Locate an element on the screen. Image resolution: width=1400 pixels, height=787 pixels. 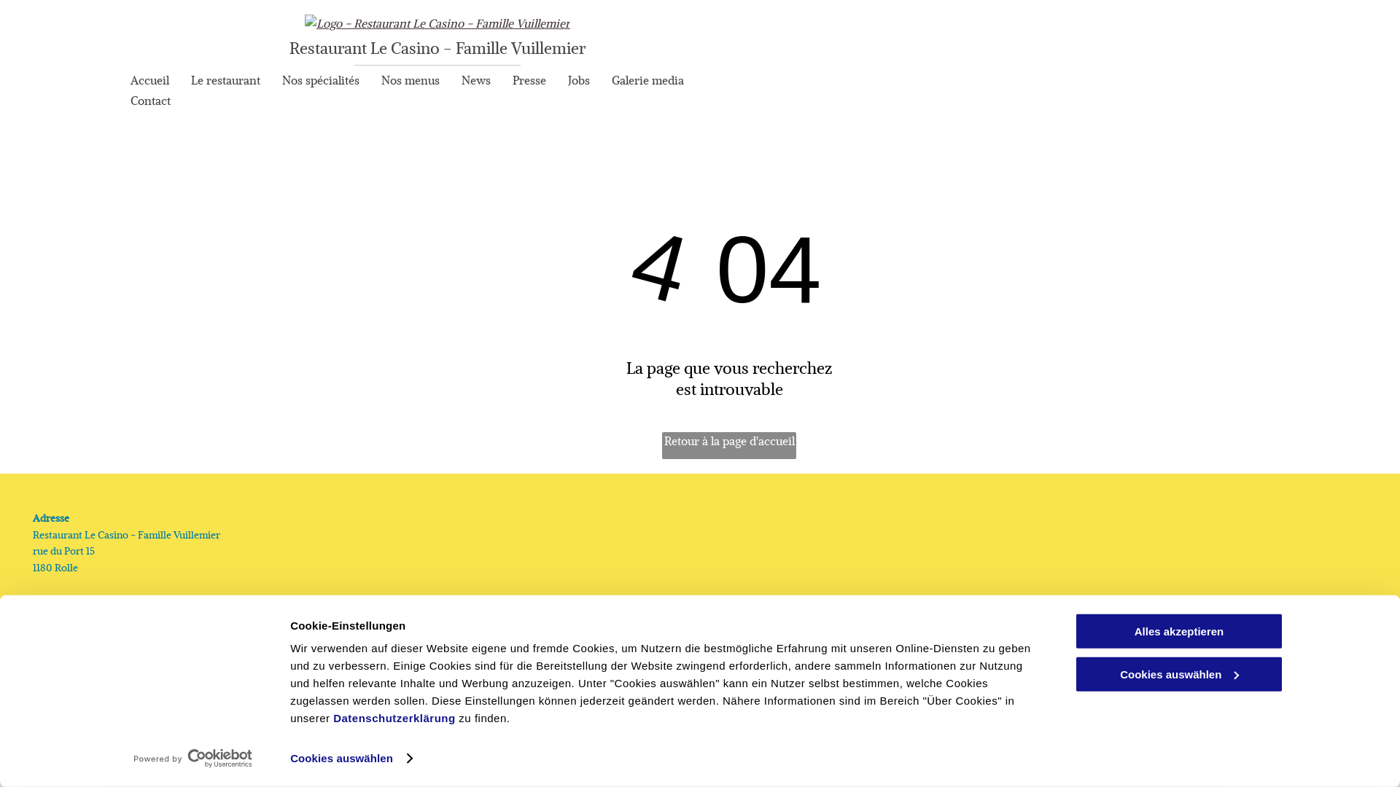
'Accueil' is located at coordinates (149, 81).